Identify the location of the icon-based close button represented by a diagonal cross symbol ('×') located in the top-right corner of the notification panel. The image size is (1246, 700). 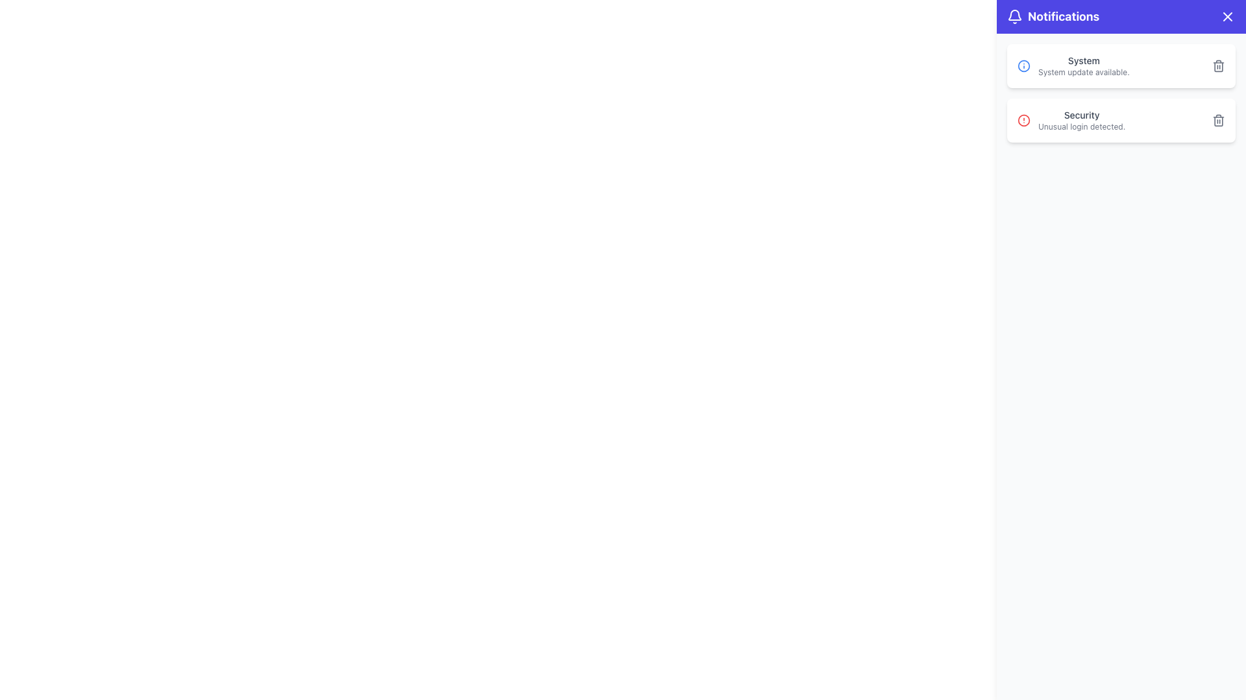
(1227, 17).